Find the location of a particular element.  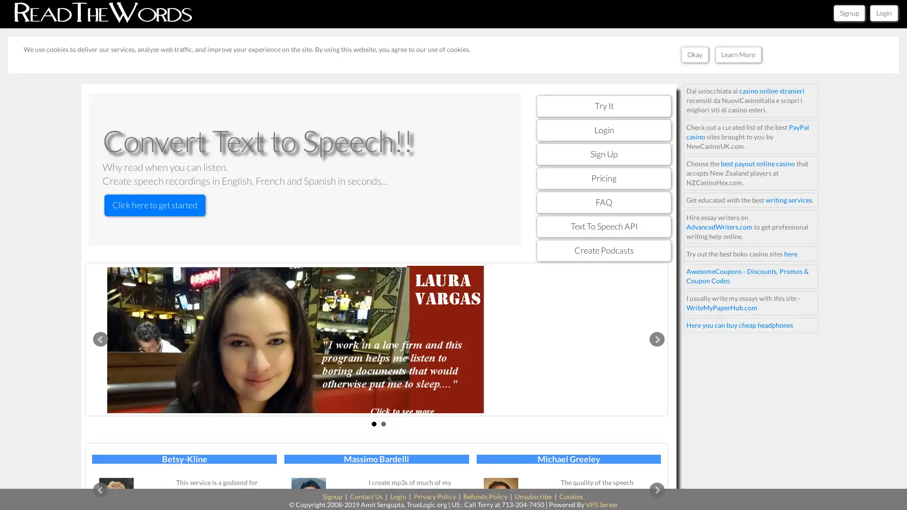

Okay is located at coordinates (694, 54).